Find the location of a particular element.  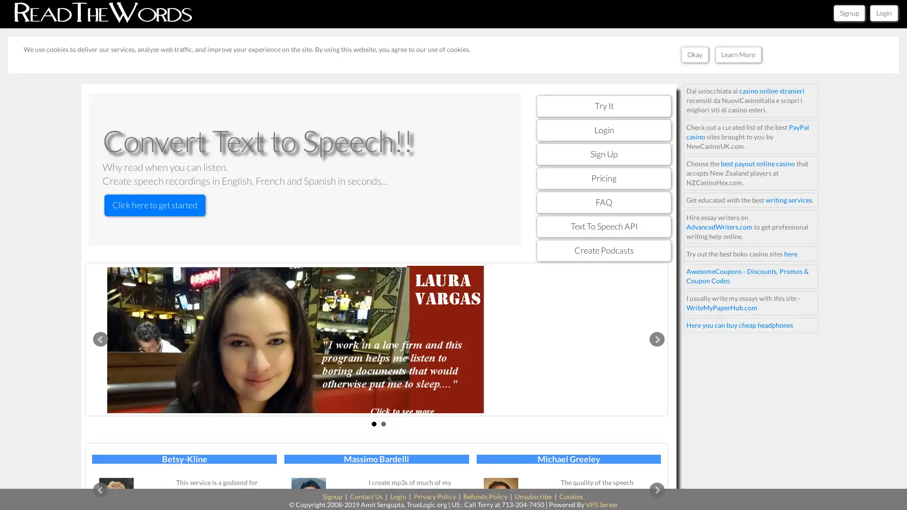

Okay is located at coordinates (694, 54).